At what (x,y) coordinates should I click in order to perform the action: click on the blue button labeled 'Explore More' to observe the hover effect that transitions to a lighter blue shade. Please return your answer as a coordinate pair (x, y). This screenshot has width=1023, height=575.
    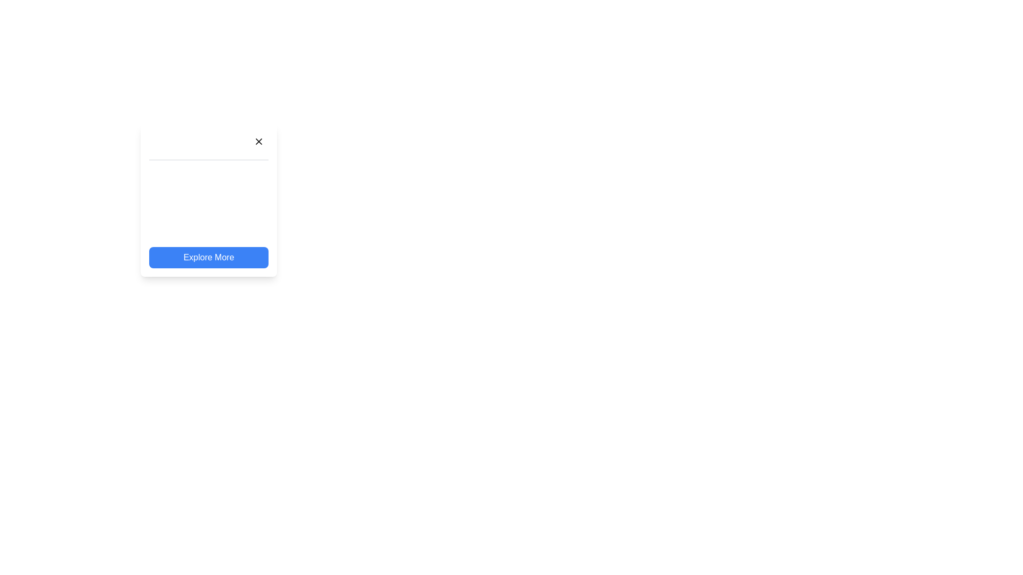
    Looking at the image, I should click on (209, 257).